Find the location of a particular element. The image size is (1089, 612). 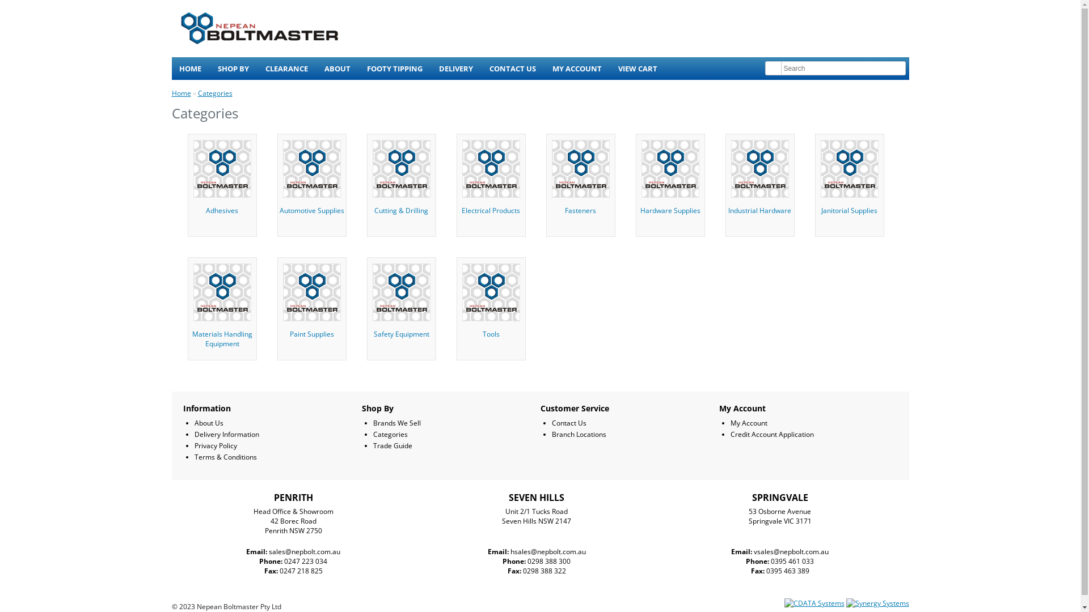

'My Account' is located at coordinates (749, 423).